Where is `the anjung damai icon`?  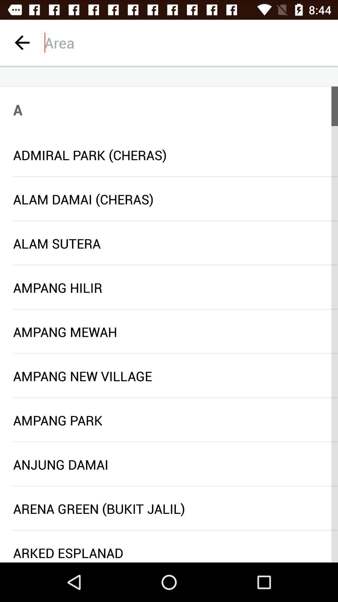 the anjung damai icon is located at coordinates (169, 464).